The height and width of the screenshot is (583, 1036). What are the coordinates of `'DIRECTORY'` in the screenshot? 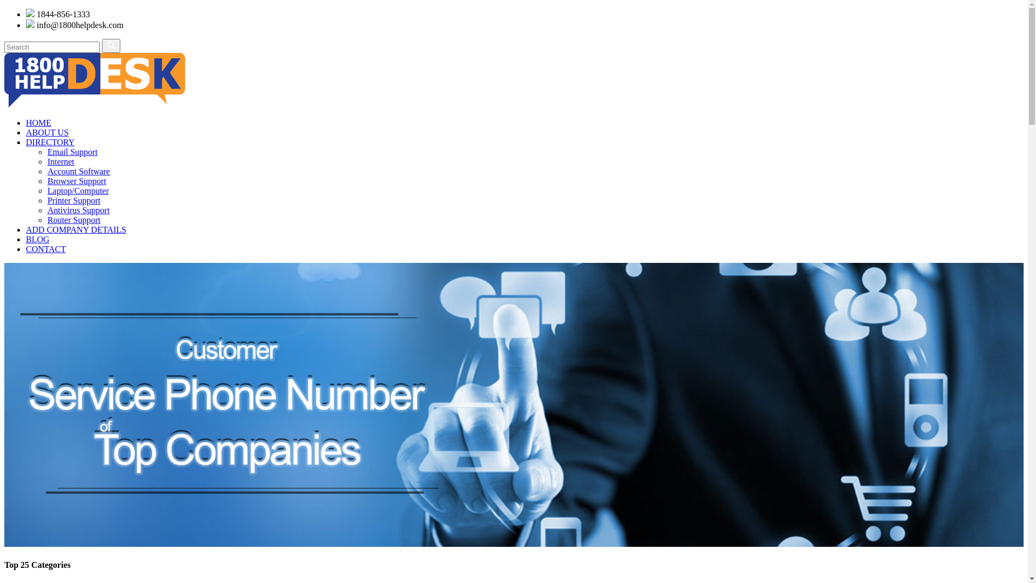 It's located at (49, 141).